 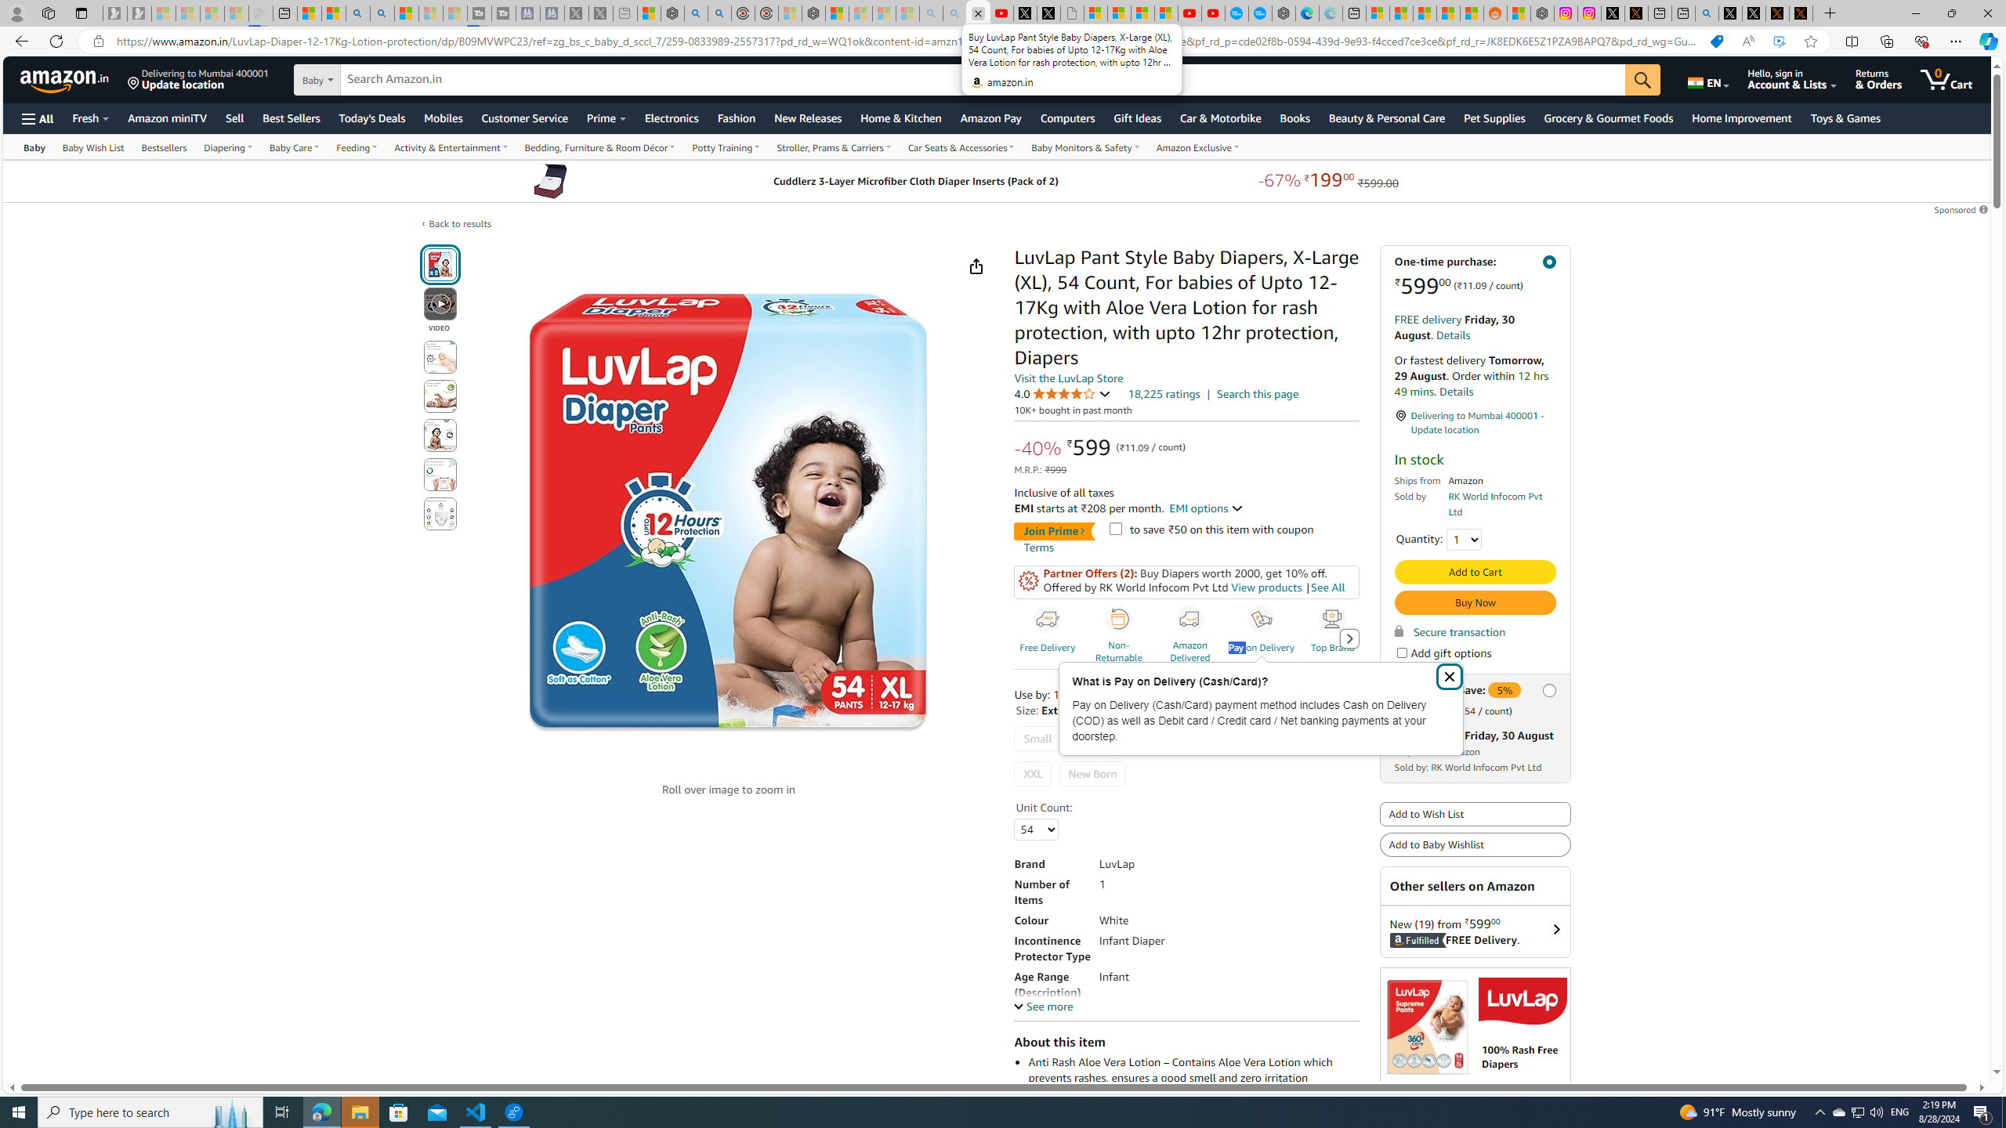 I want to click on 'github - Search', so click(x=1706, y=13).